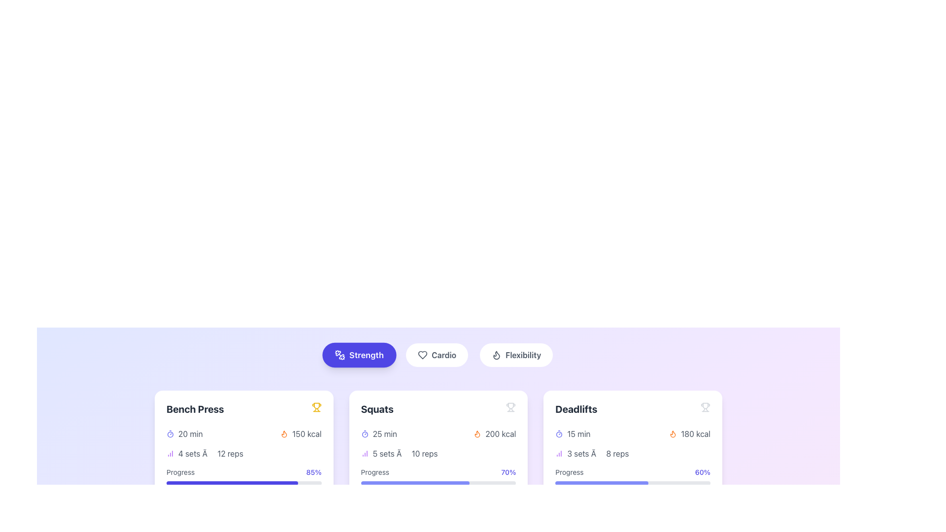 The image size is (946, 532). What do you see at coordinates (633, 482) in the screenshot?
I see `the progress bar labeled 'Progress' located below the 'Deadlifts' title, which shows a completed portion in purple and a remaining portion in gray` at bounding box center [633, 482].